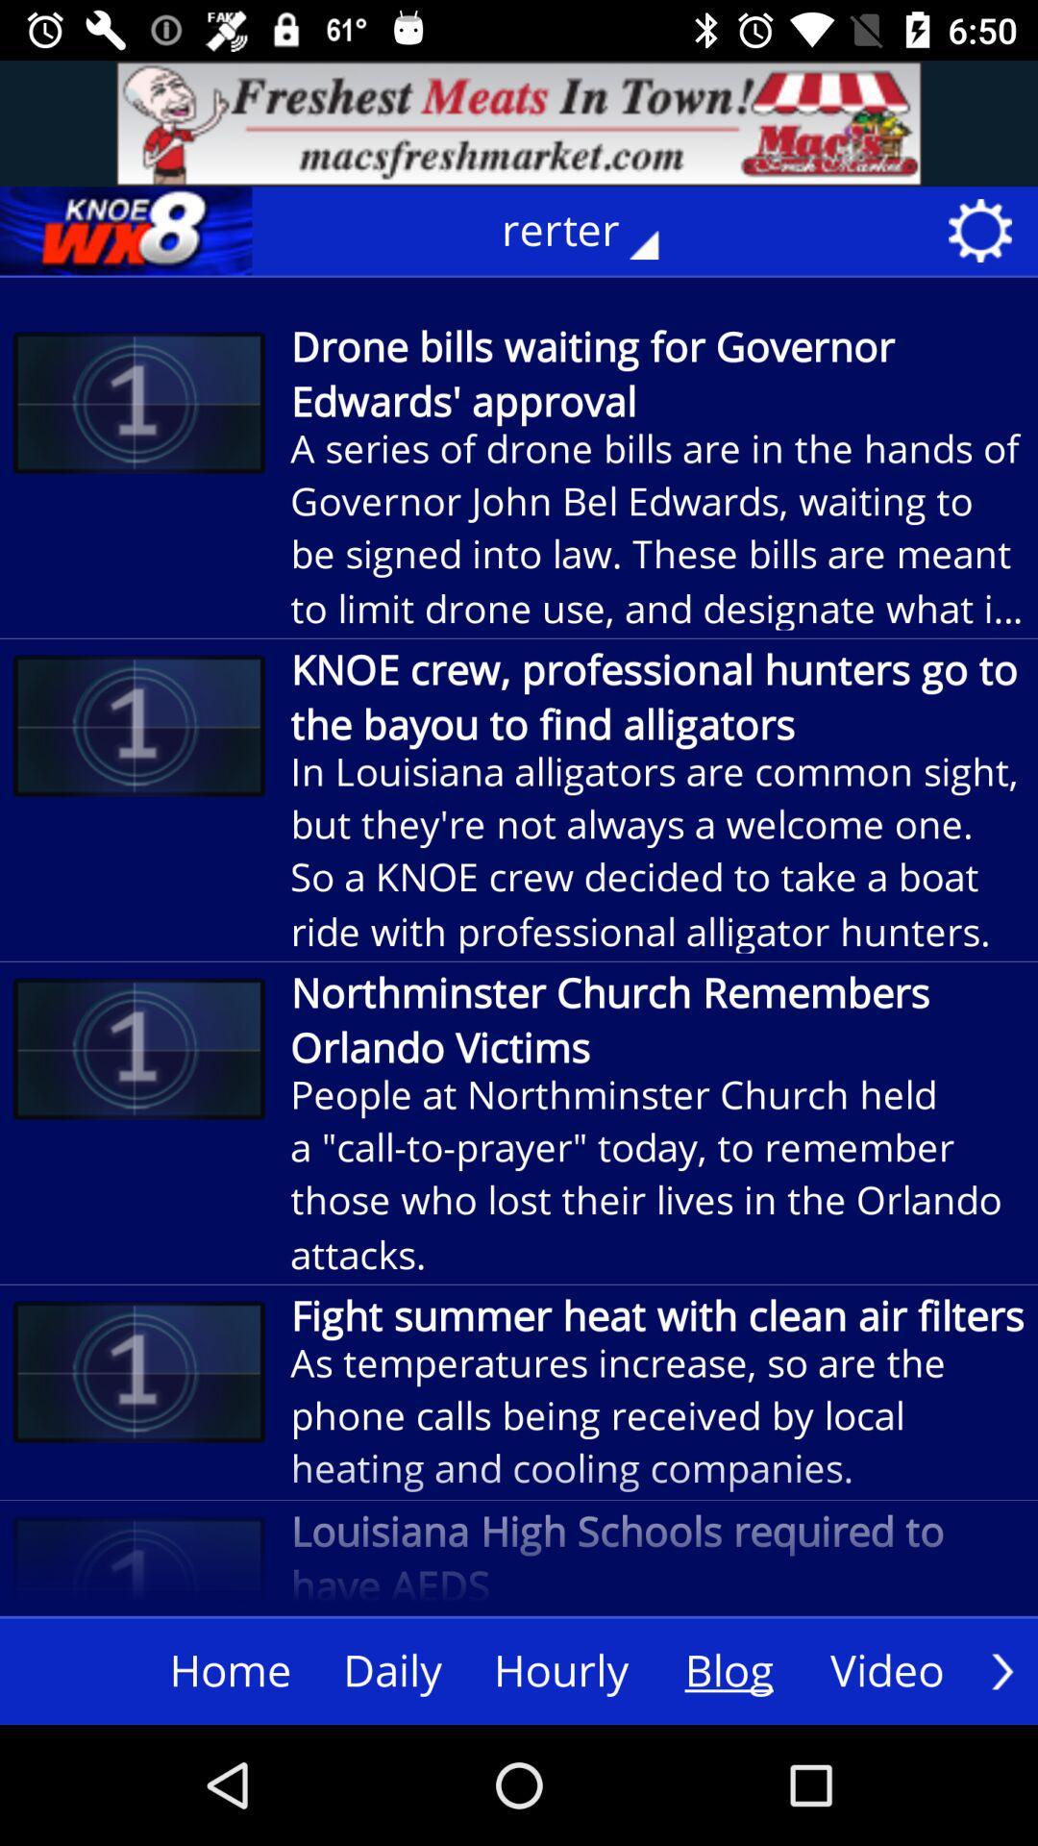 This screenshot has width=1038, height=1846. I want to click on advertisement to open macsfreshmarket.com website, so click(519, 122).